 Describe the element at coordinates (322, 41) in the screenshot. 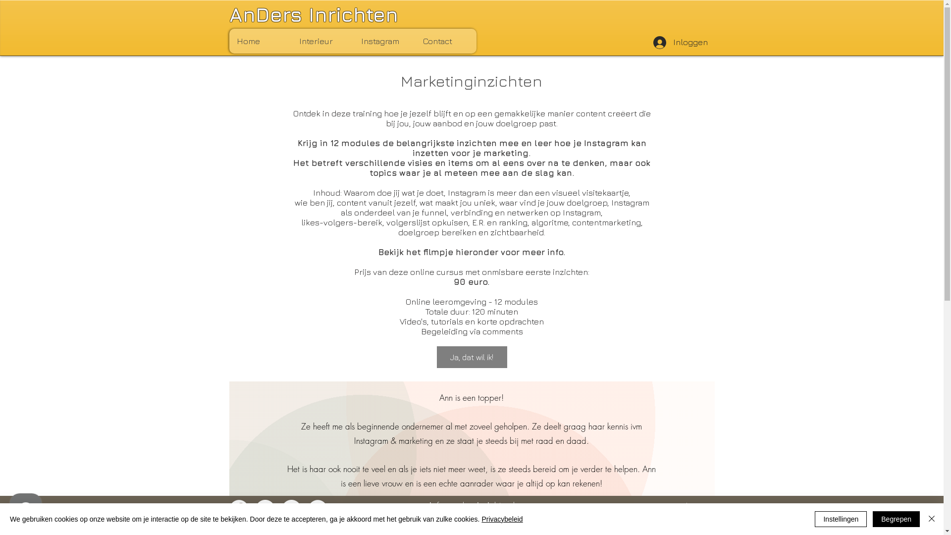

I see `'Interieur'` at that location.